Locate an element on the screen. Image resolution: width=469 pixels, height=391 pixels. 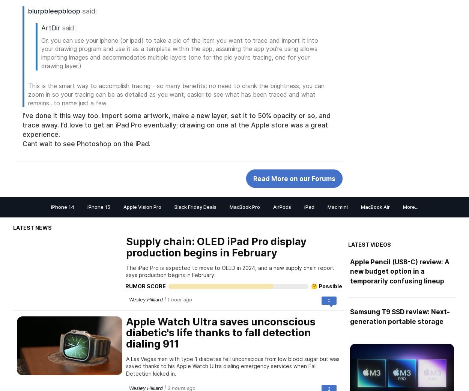
'I’ve done it this way too. Import some artwork, make a new layer, set it to 50% opacity or so, and trace away. I’d love to get an iPad Pro eventually; drawing on one at the Apple store was a great experience.' is located at coordinates (176, 124).